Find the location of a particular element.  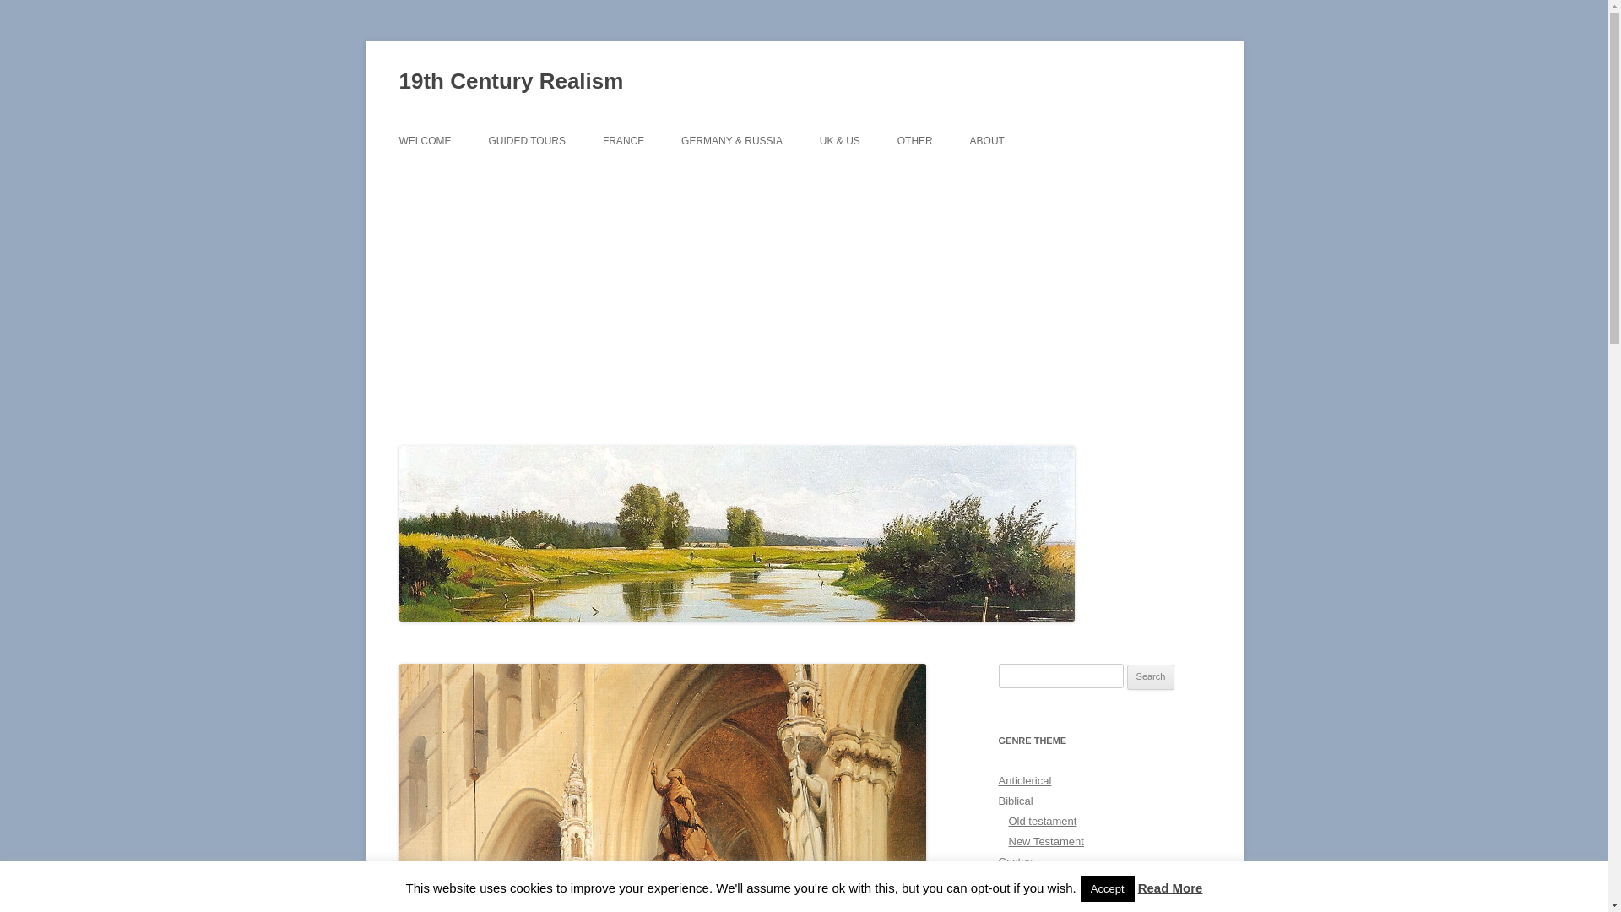

'Customs & Myths' is located at coordinates (1040, 901).